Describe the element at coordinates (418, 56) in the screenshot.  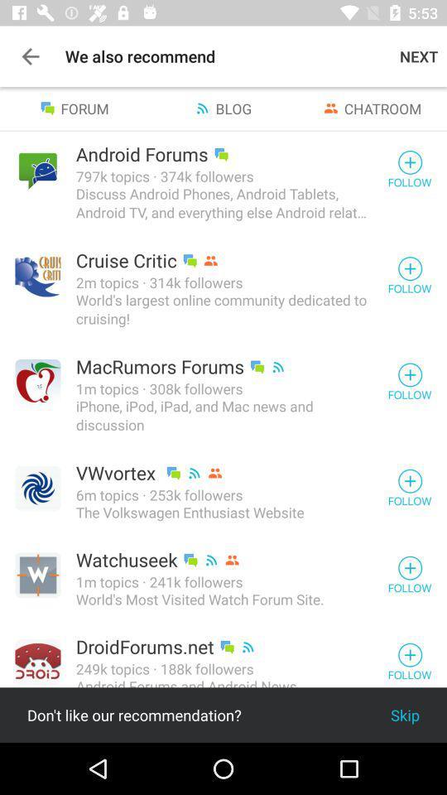
I see `the next item` at that location.